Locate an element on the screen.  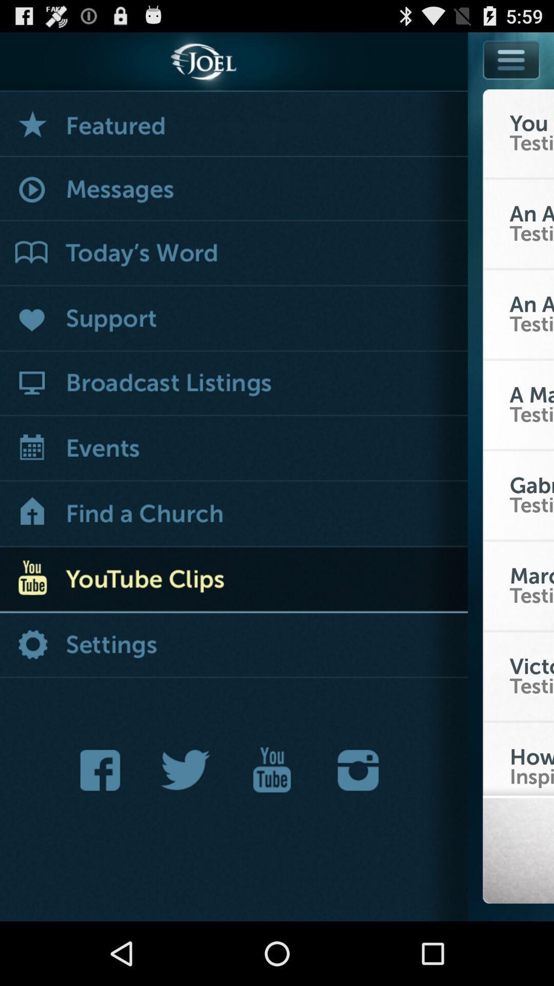
access messages is located at coordinates (233, 189).